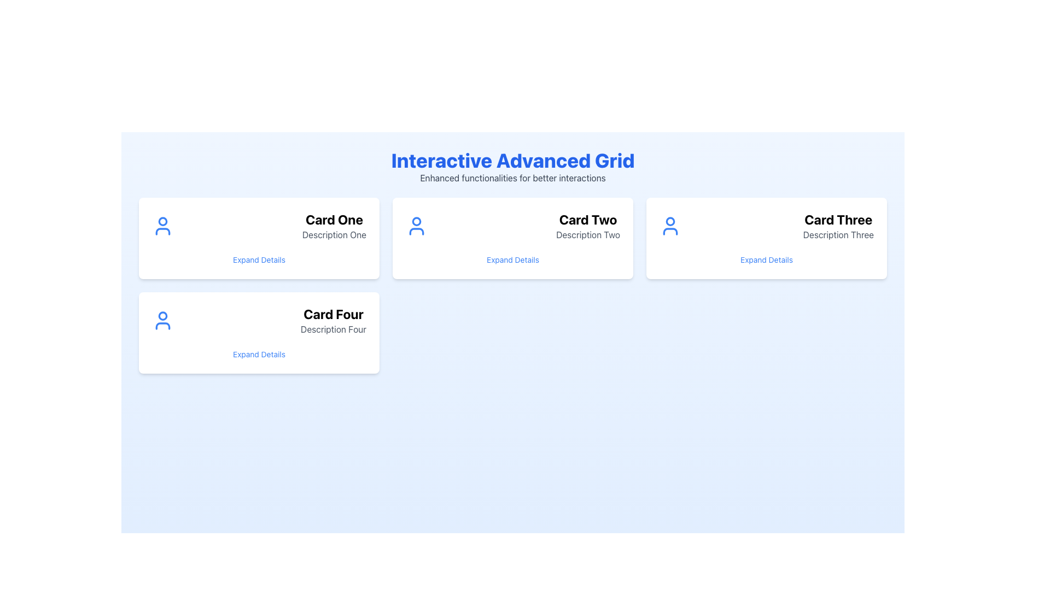 This screenshot has height=590, width=1050. What do you see at coordinates (332, 328) in the screenshot?
I see `the text label providing additional information related to the 'Card Four' element, which is located at the bottom-left portion inside the card labeled 'Card Four'` at bounding box center [332, 328].